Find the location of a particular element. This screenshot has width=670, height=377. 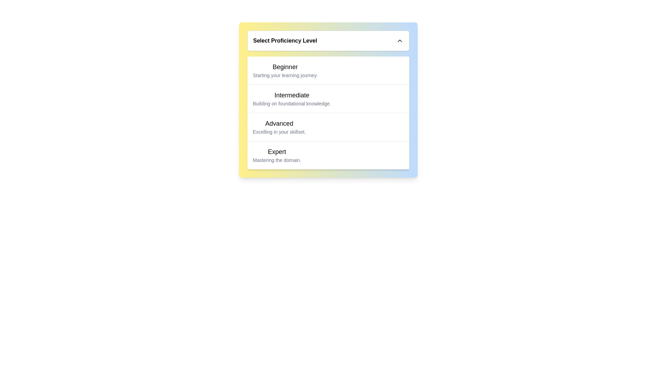

the 'Advanced' menu item in the 'Select Proficiency Level' section is located at coordinates (279, 127).